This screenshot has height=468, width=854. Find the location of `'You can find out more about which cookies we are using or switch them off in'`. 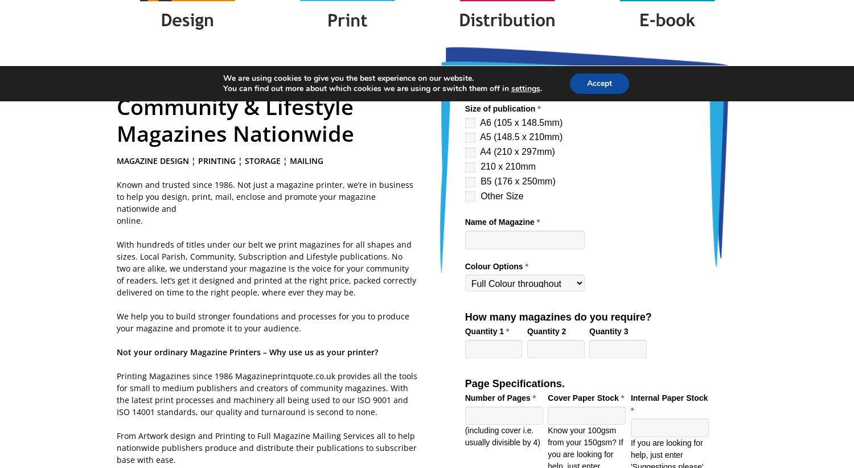

'You can find out more about which cookies we are using or switch them off in' is located at coordinates (366, 88).